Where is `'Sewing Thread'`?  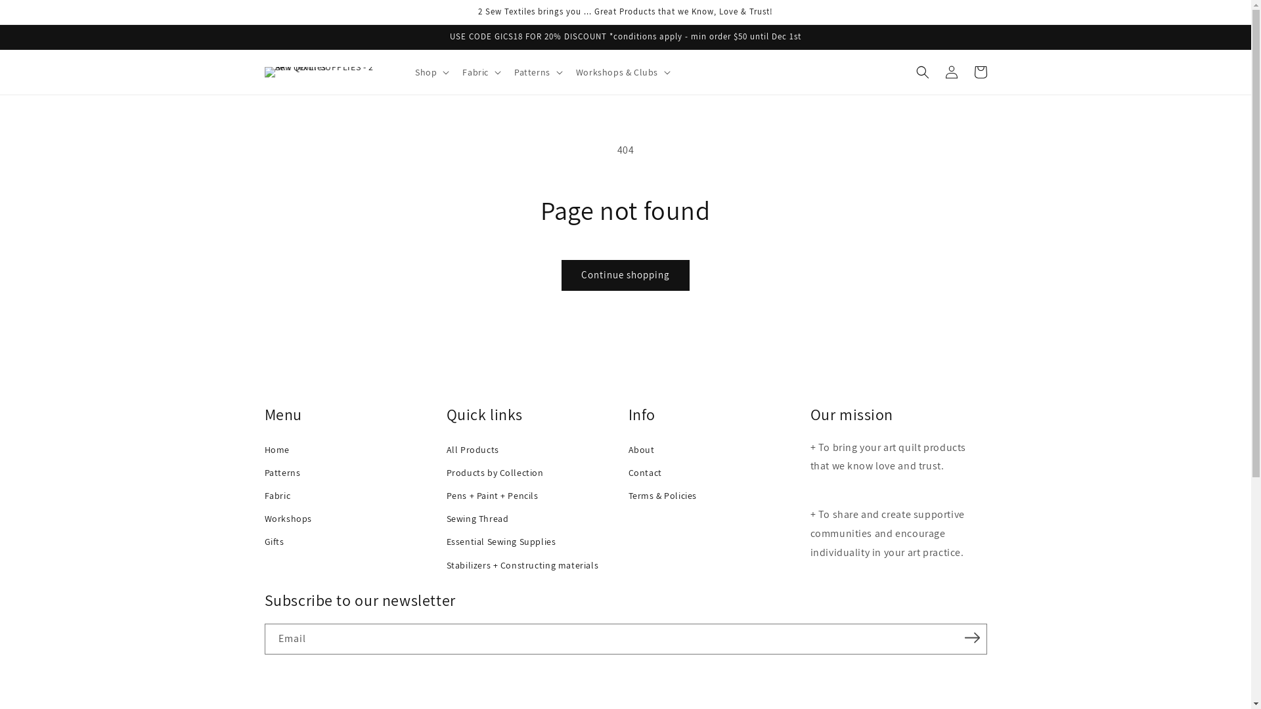 'Sewing Thread' is located at coordinates (535, 518).